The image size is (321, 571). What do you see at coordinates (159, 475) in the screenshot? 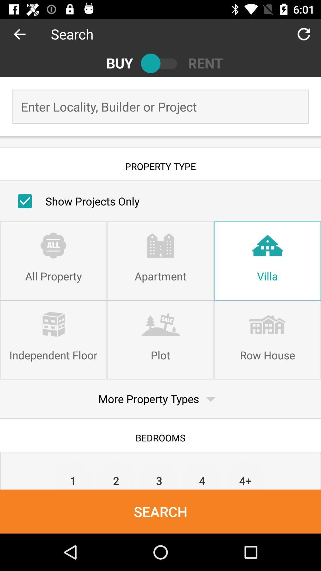
I see `the item above search item` at bounding box center [159, 475].